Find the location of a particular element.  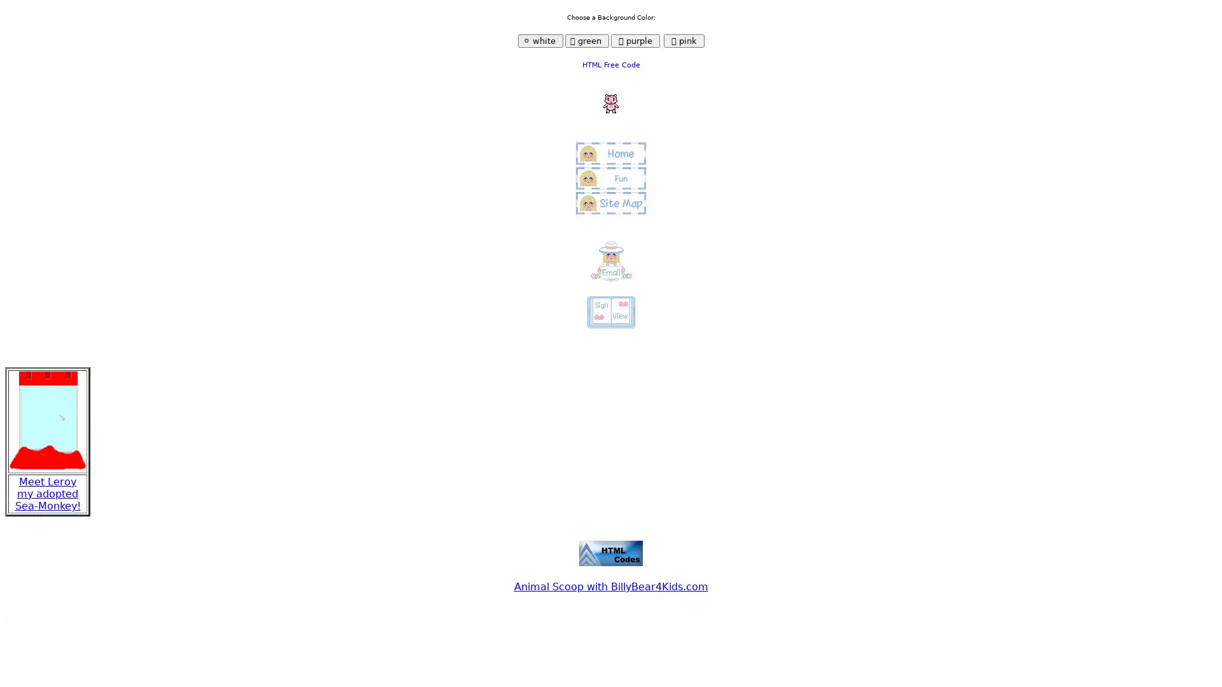

white is located at coordinates (540, 40).